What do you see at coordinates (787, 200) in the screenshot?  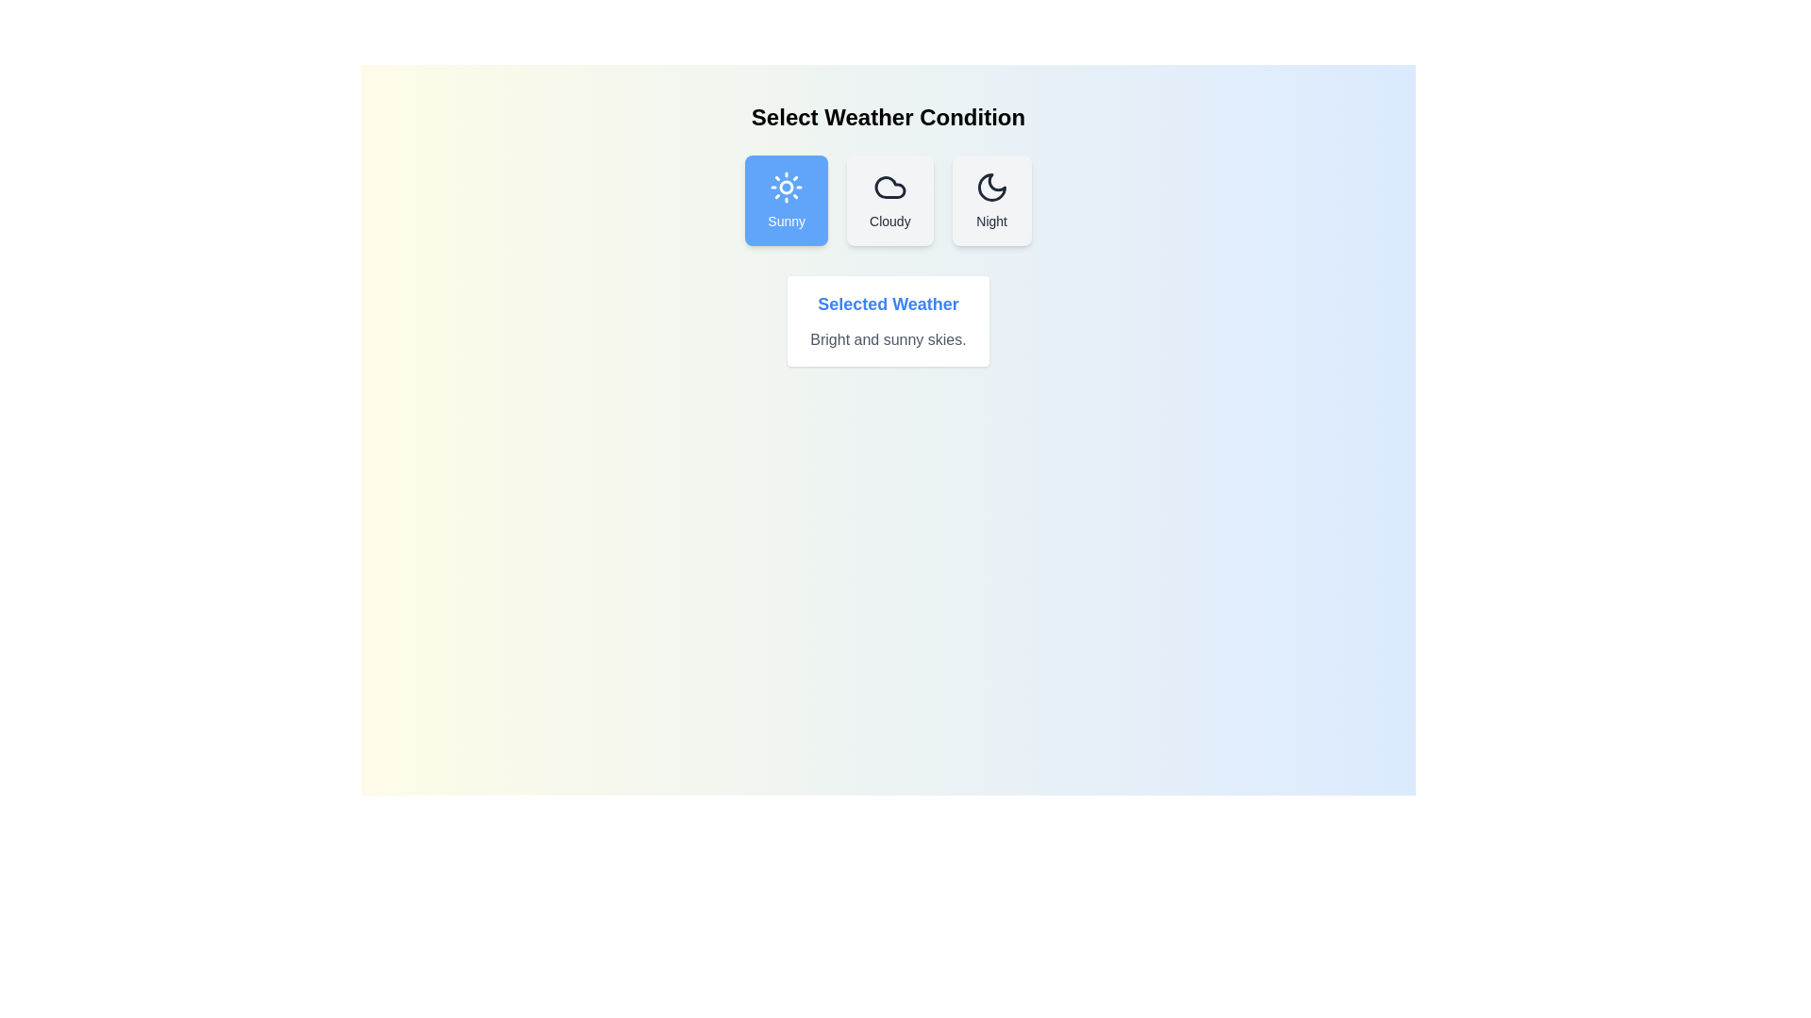 I see `the weather condition button corresponding to Sunny` at bounding box center [787, 200].